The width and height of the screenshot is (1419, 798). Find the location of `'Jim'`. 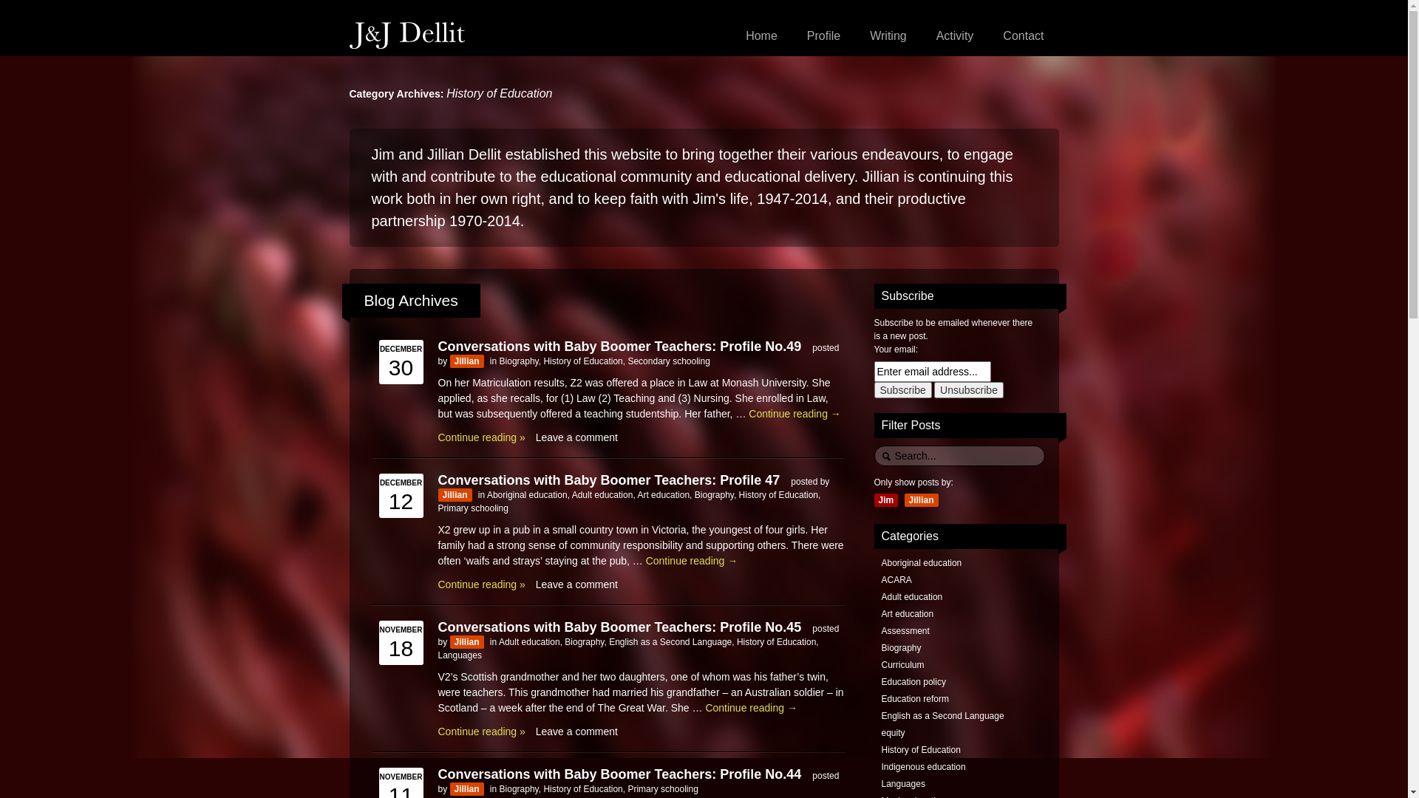

'Jim' is located at coordinates (885, 499).